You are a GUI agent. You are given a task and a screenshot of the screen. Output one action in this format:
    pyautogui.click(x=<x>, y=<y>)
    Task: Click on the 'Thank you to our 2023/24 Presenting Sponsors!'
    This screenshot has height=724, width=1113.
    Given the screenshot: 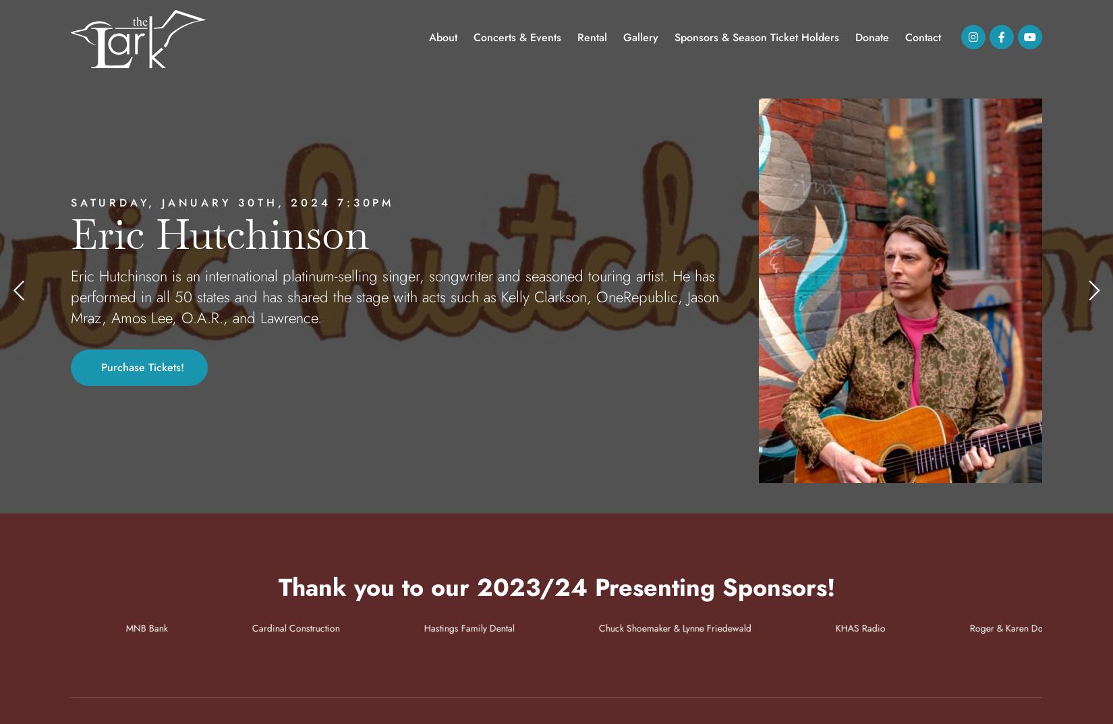 What is the action you would take?
    pyautogui.click(x=555, y=586)
    